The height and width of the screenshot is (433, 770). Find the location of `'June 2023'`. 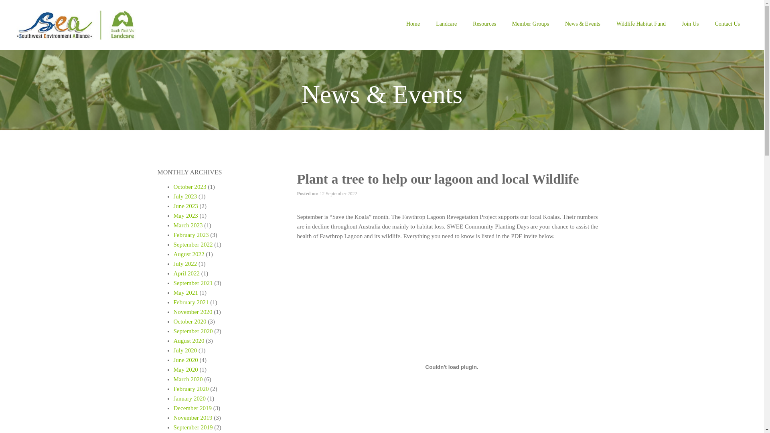

'June 2023' is located at coordinates (173, 205).